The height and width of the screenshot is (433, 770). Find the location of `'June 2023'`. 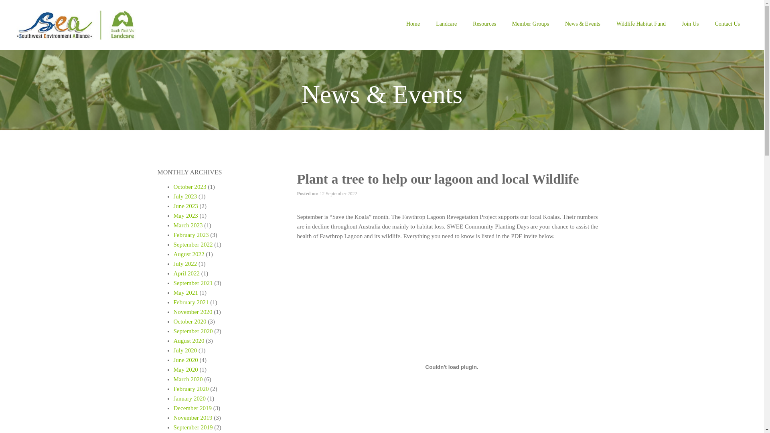

'June 2023' is located at coordinates (173, 205).